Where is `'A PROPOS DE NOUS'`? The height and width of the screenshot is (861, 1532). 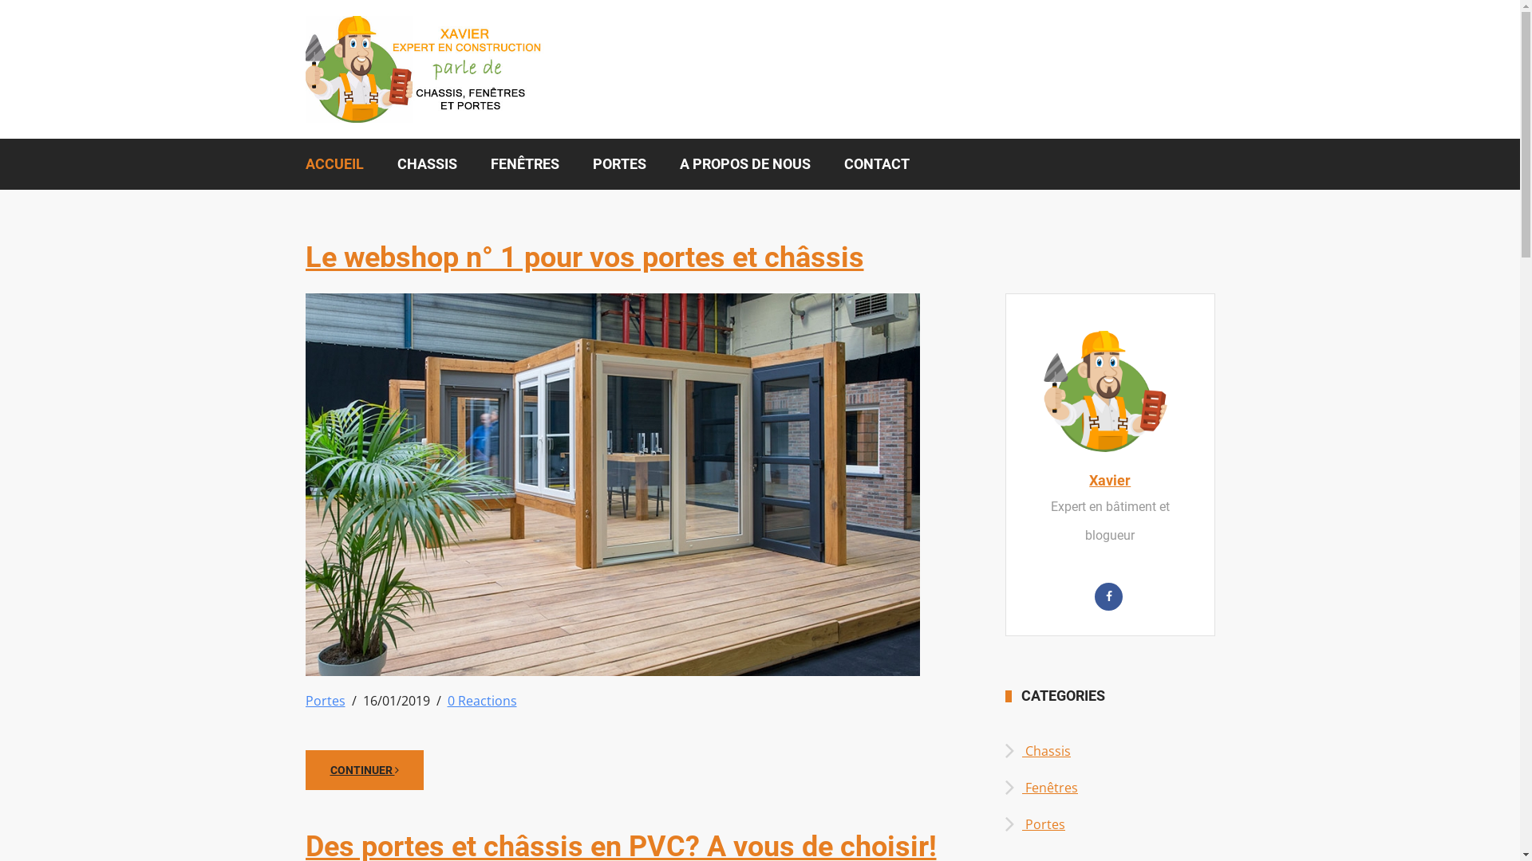
'A PROPOS DE NOUS' is located at coordinates (743, 163).